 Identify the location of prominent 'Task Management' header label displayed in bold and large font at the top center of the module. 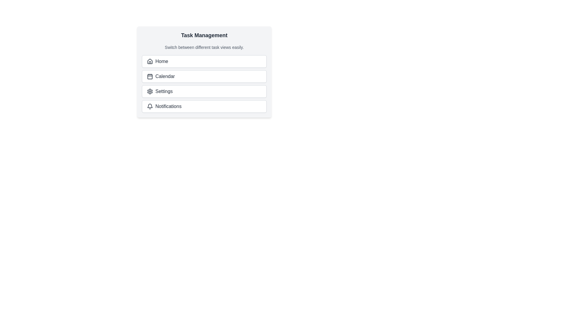
(204, 35).